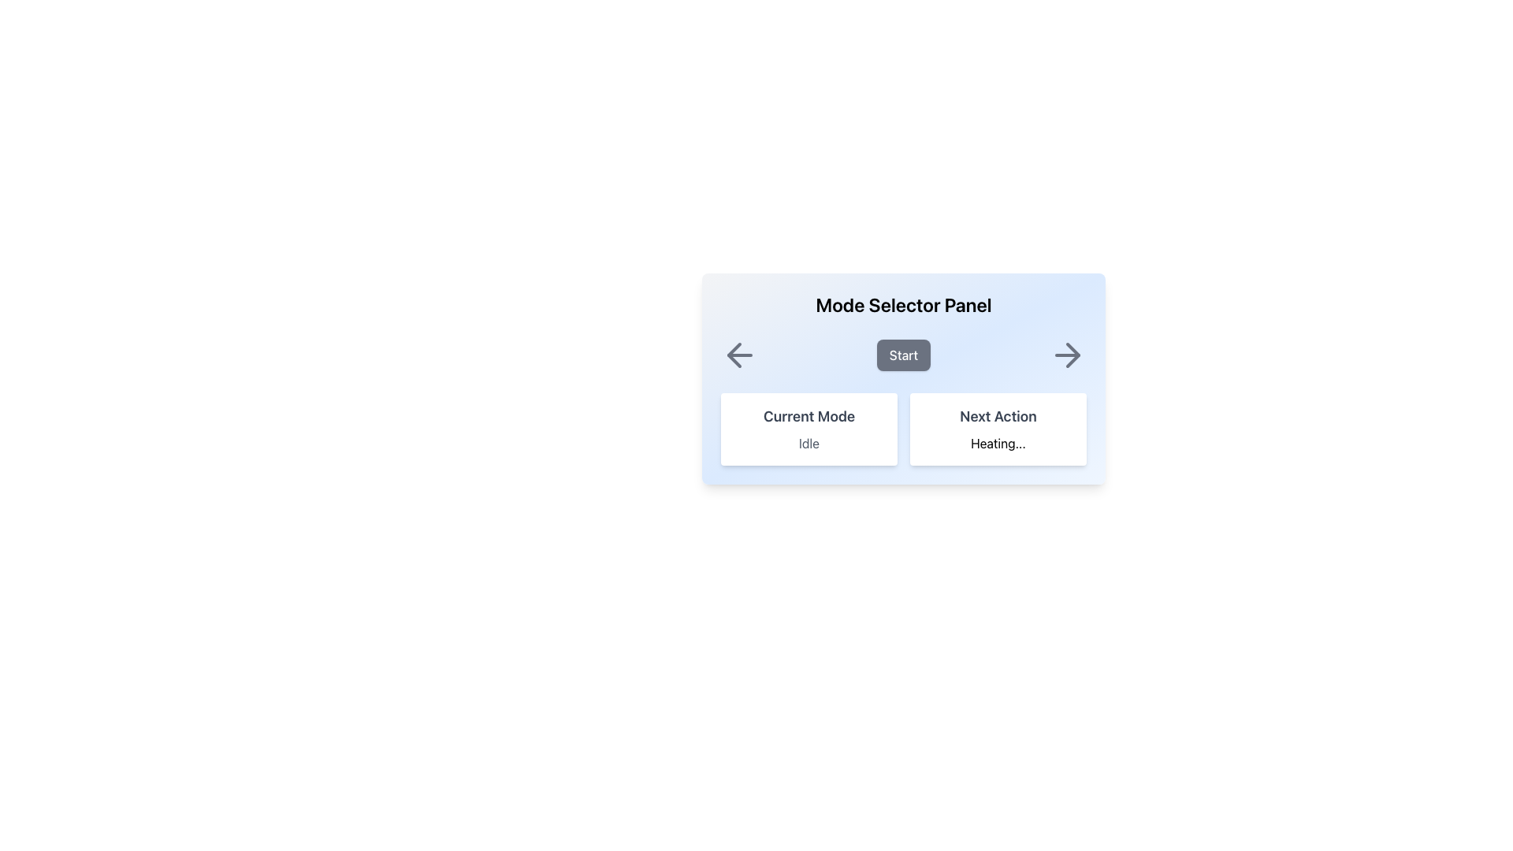  Describe the element at coordinates (809, 415) in the screenshot. I see `text from the 'Current Mode' label, which indicates the current operational mode of the system and is located at the top of a white card within the Mode Selector Panel` at that location.